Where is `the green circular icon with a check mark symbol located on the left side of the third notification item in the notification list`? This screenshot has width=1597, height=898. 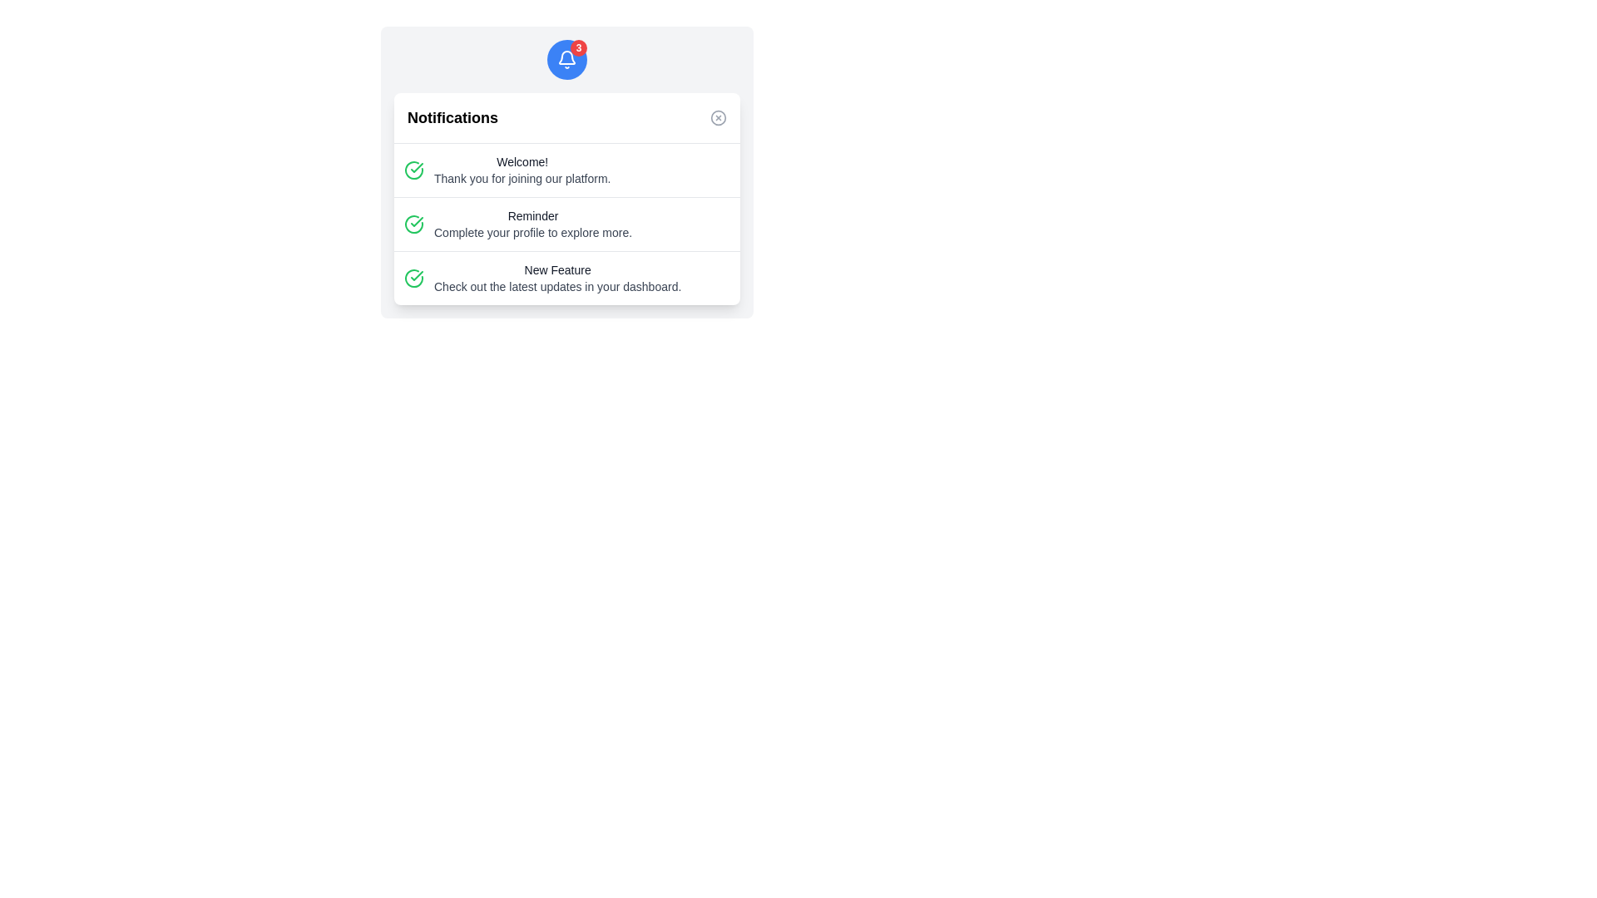 the green circular icon with a check mark symbol located on the left side of the third notification item in the notification list is located at coordinates (414, 278).